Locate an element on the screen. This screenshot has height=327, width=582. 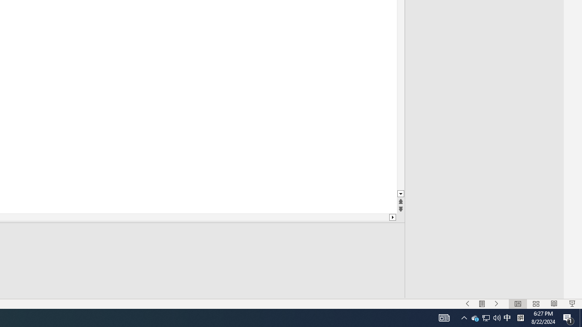
'Slide Show Next On' is located at coordinates (496, 304).